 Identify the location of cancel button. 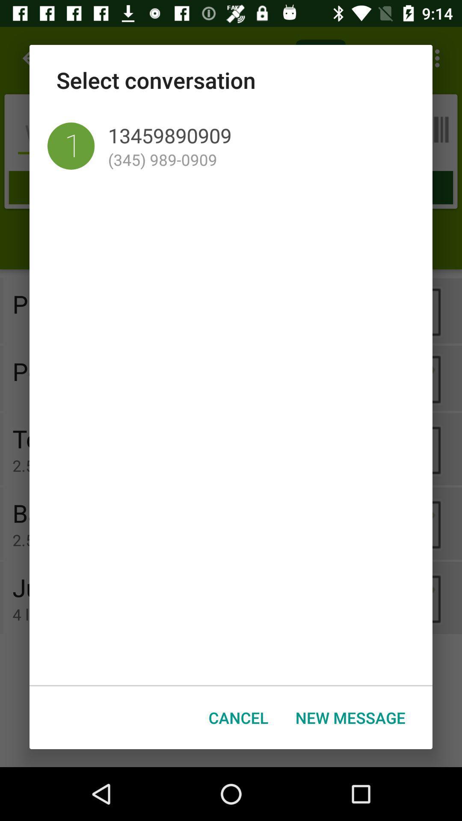
(238, 718).